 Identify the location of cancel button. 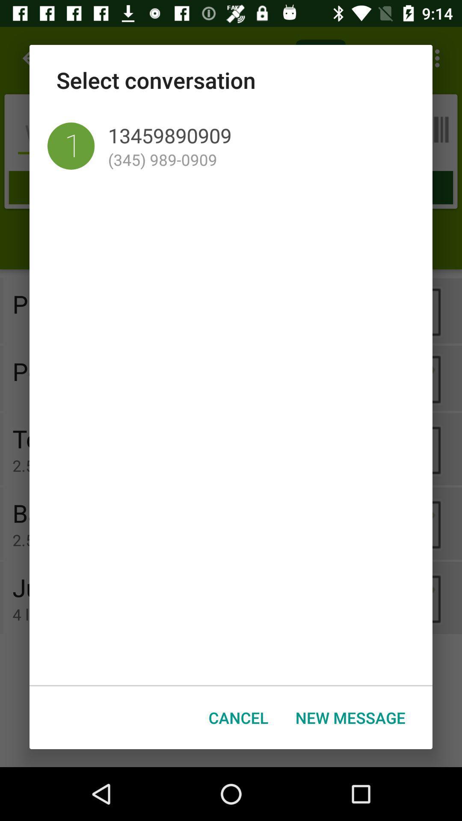
(238, 718).